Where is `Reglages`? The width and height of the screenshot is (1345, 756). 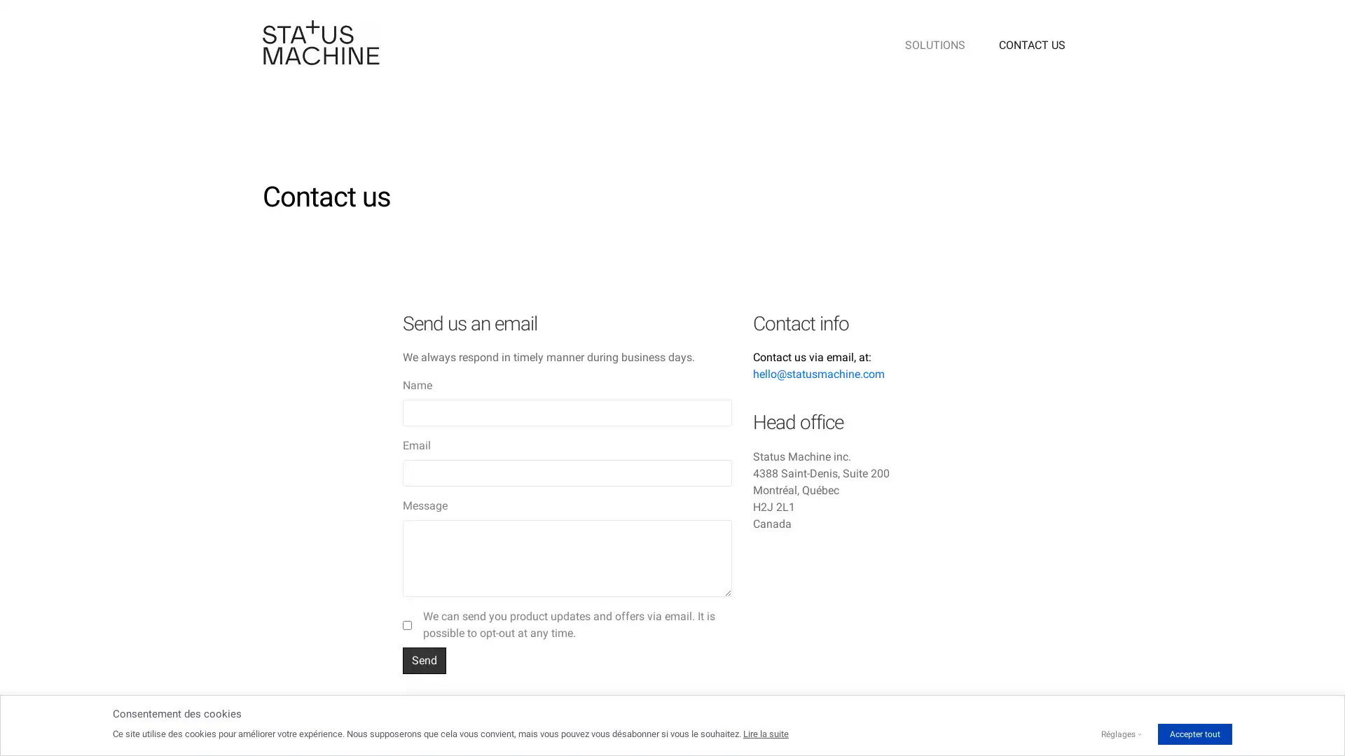
Reglages is located at coordinates (1117, 734).